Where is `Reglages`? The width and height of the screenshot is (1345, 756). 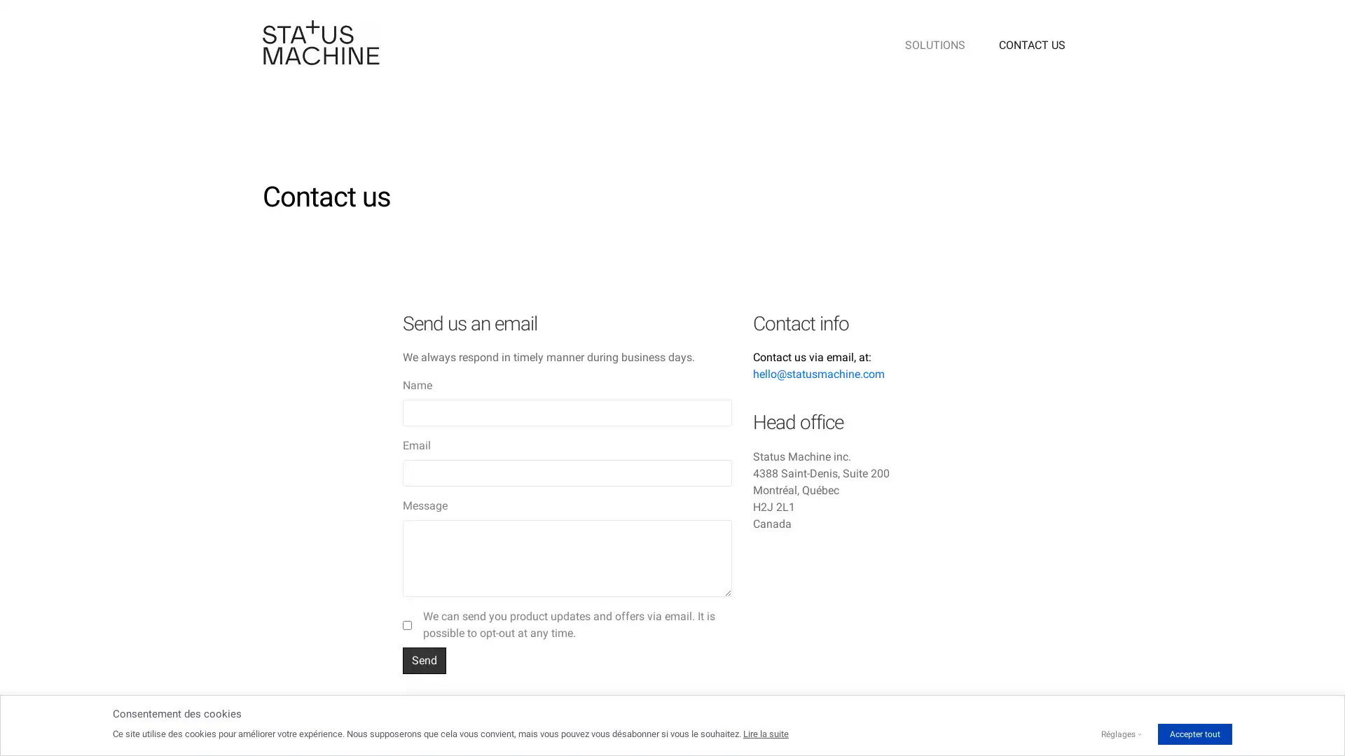
Reglages is located at coordinates (1117, 734).